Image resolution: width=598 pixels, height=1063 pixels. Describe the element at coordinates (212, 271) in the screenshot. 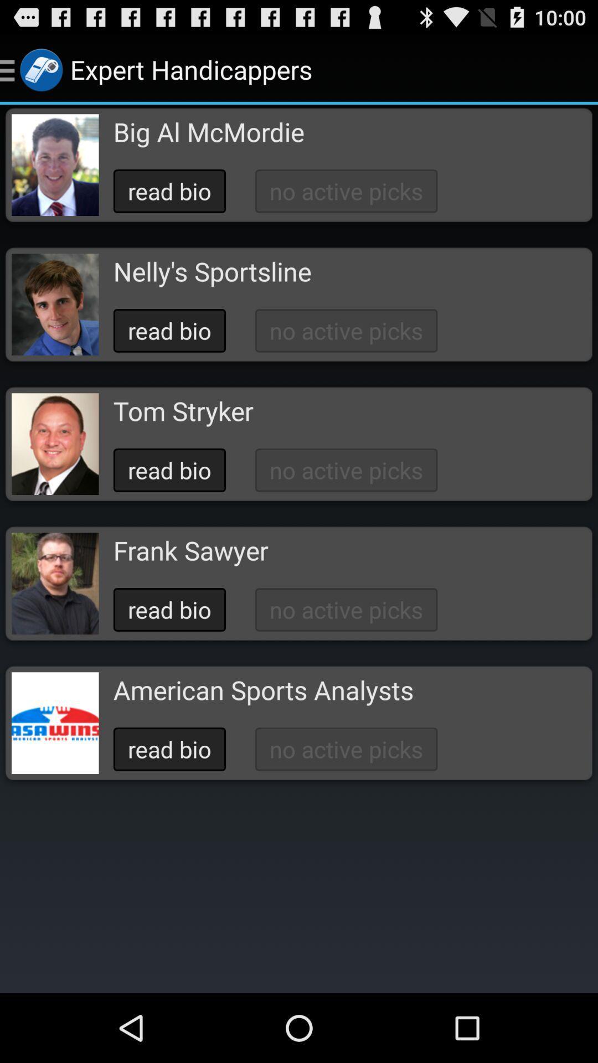

I see `the button below the read bio icon` at that location.